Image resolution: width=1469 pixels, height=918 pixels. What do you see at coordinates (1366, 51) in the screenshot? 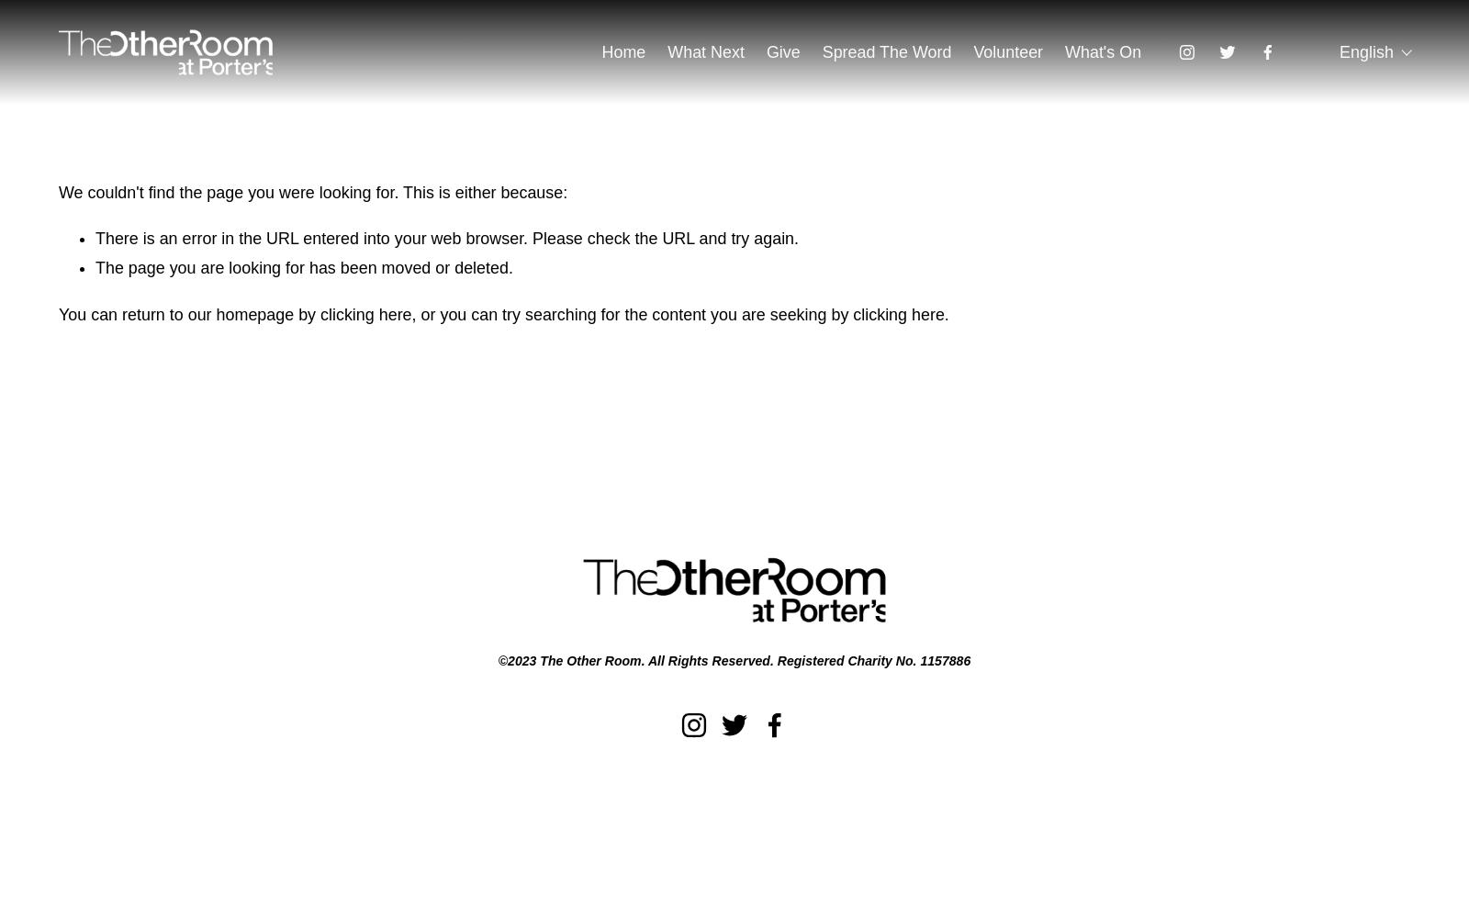
I see `'English'` at bounding box center [1366, 51].